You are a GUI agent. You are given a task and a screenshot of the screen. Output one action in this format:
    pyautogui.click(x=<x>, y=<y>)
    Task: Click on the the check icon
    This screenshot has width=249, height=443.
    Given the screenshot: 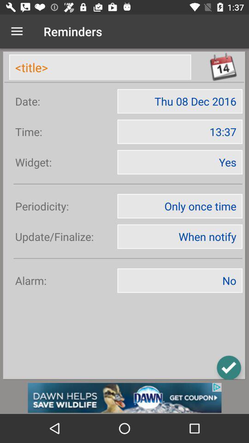 What is the action you would take?
    pyautogui.click(x=228, y=367)
    